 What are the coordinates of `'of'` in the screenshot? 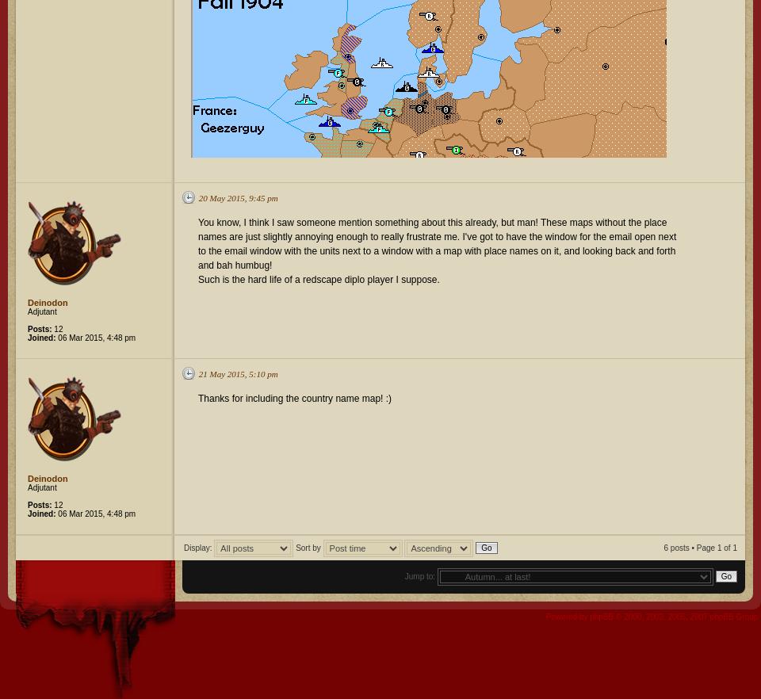 It's located at (726, 546).